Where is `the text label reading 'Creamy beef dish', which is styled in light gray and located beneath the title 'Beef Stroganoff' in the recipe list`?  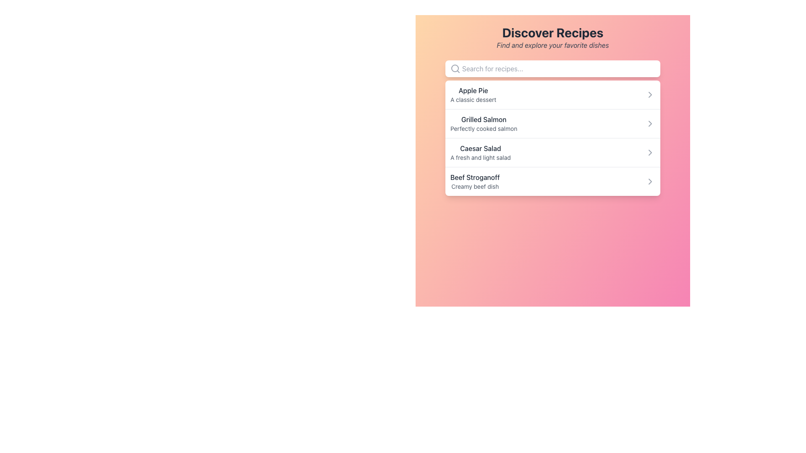 the text label reading 'Creamy beef dish', which is styled in light gray and located beneath the title 'Beef Stroganoff' in the recipe list is located at coordinates (475, 186).